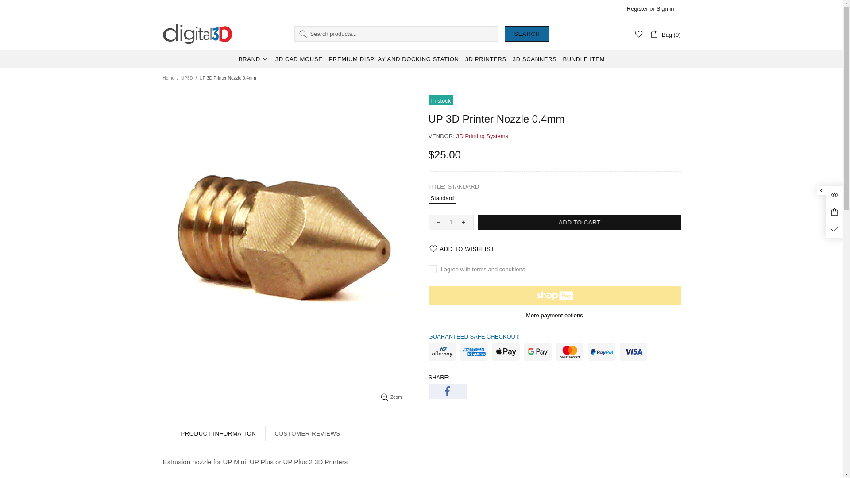 Image resolution: width=850 pixels, height=478 pixels. Describe the element at coordinates (657, 8) in the screenshot. I see `'Sign in'` at that location.